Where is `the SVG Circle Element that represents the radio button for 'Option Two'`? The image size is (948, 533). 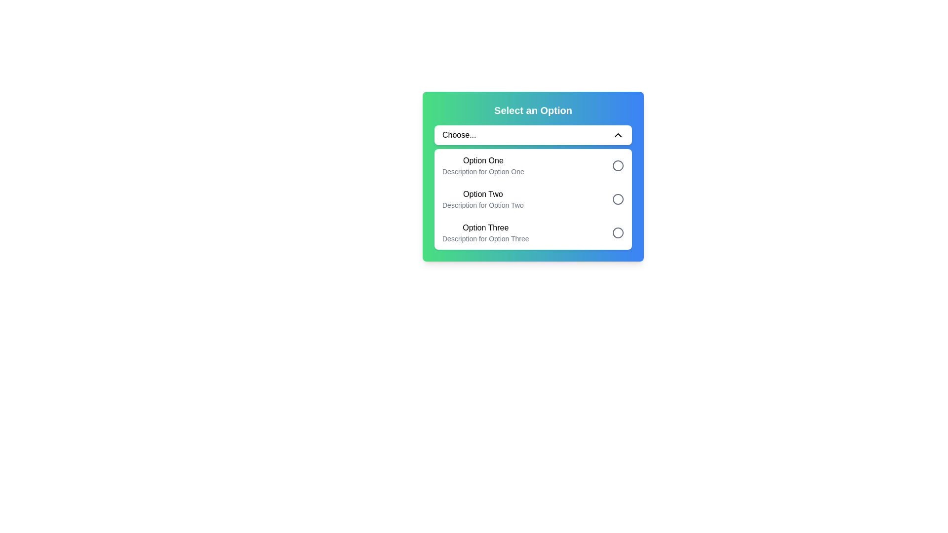
the SVG Circle Element that represents the radio button for 'Option Two' is located at coordinates (618, 199).